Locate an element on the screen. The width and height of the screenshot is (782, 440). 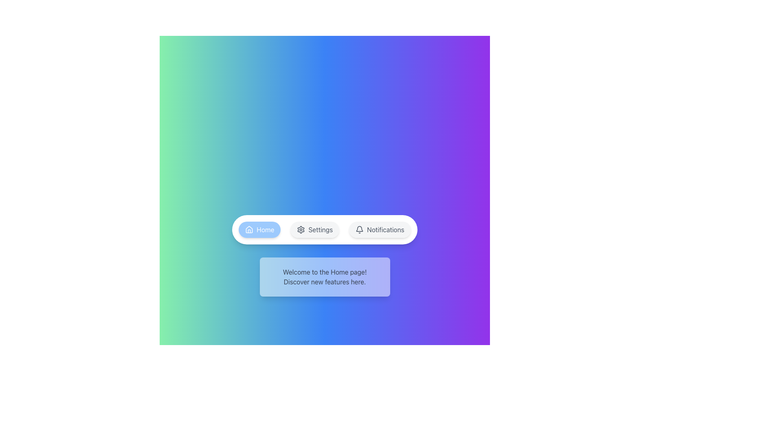
the 'Home' icon located at the left end of the top navigation bar, which symbolizes the 'Home' section is located at coordinates (249, 229).